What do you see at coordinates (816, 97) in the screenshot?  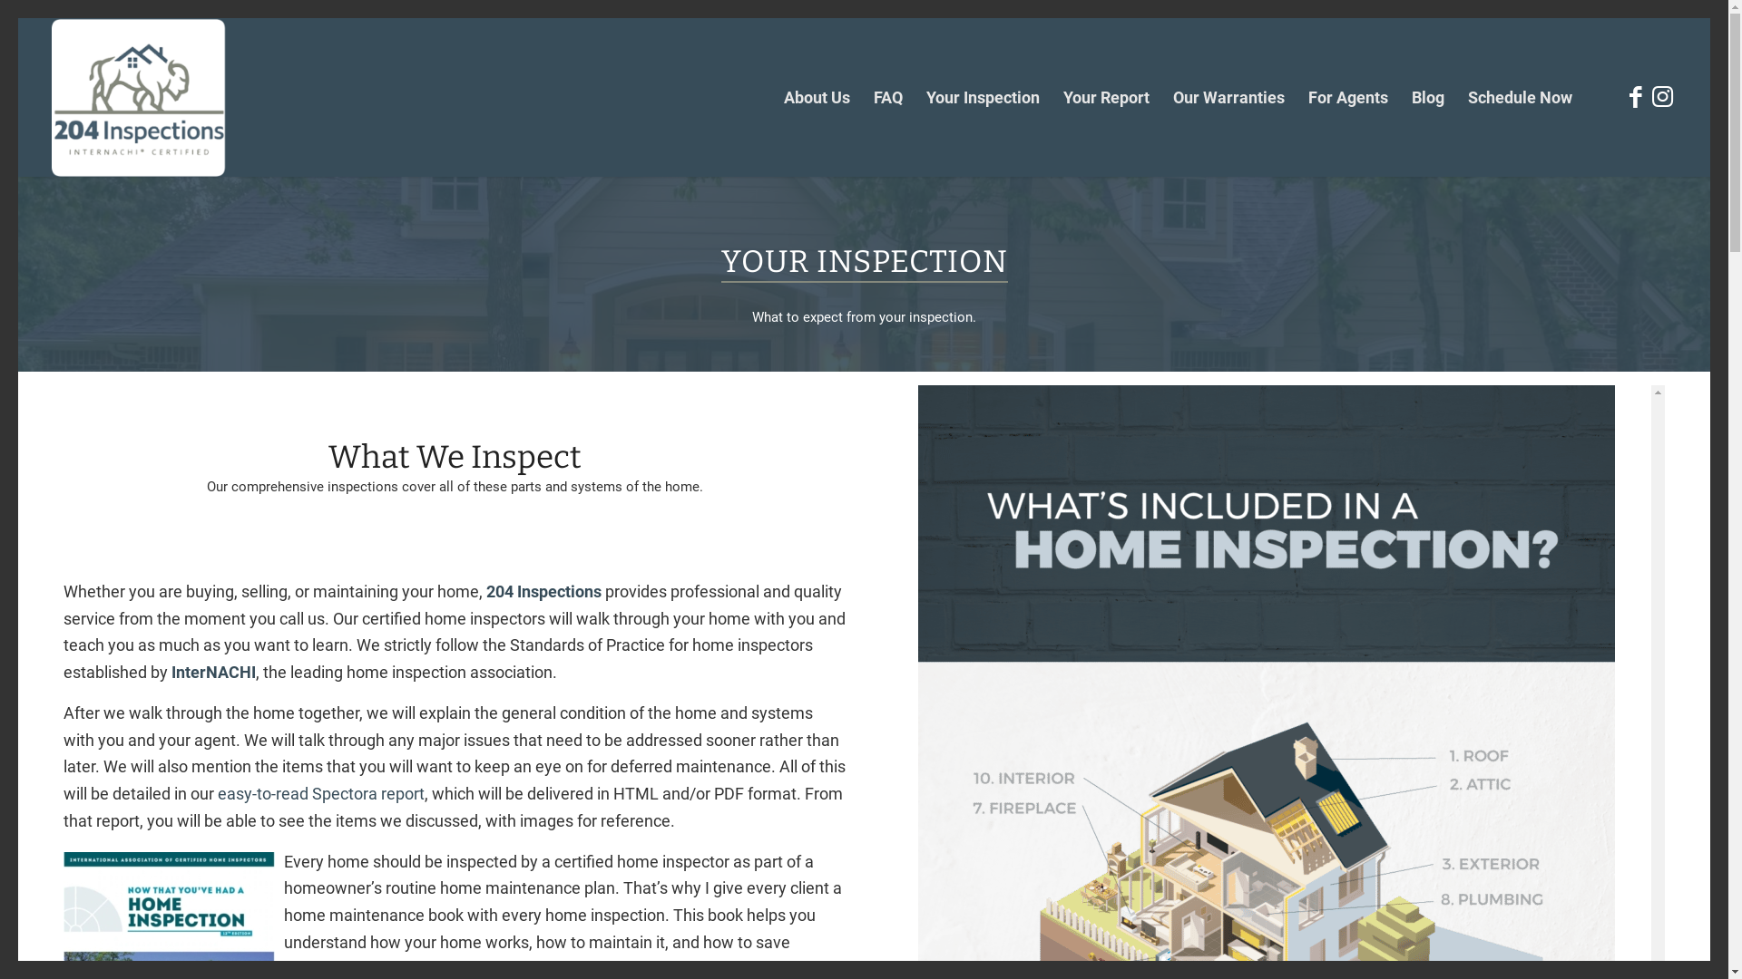 I see `'About Us'` at bounding box center [816, 97].